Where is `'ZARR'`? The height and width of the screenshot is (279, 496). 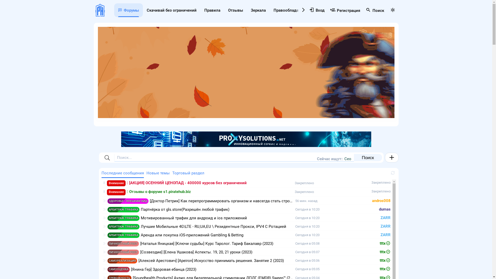 'ZARR' is located at coordinates (380, 226).